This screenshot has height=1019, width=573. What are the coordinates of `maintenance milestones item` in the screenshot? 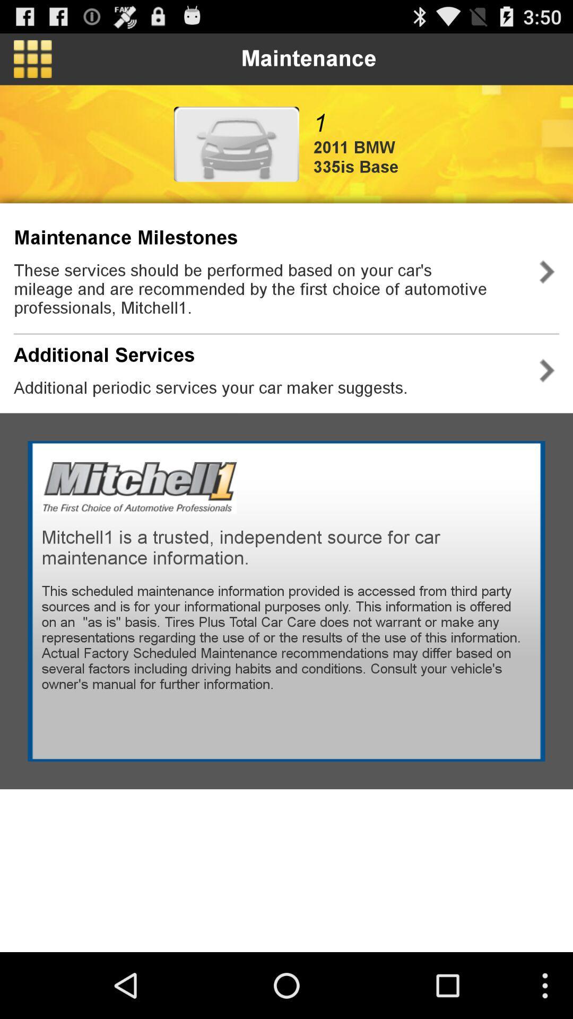 It's located at (125, 237).